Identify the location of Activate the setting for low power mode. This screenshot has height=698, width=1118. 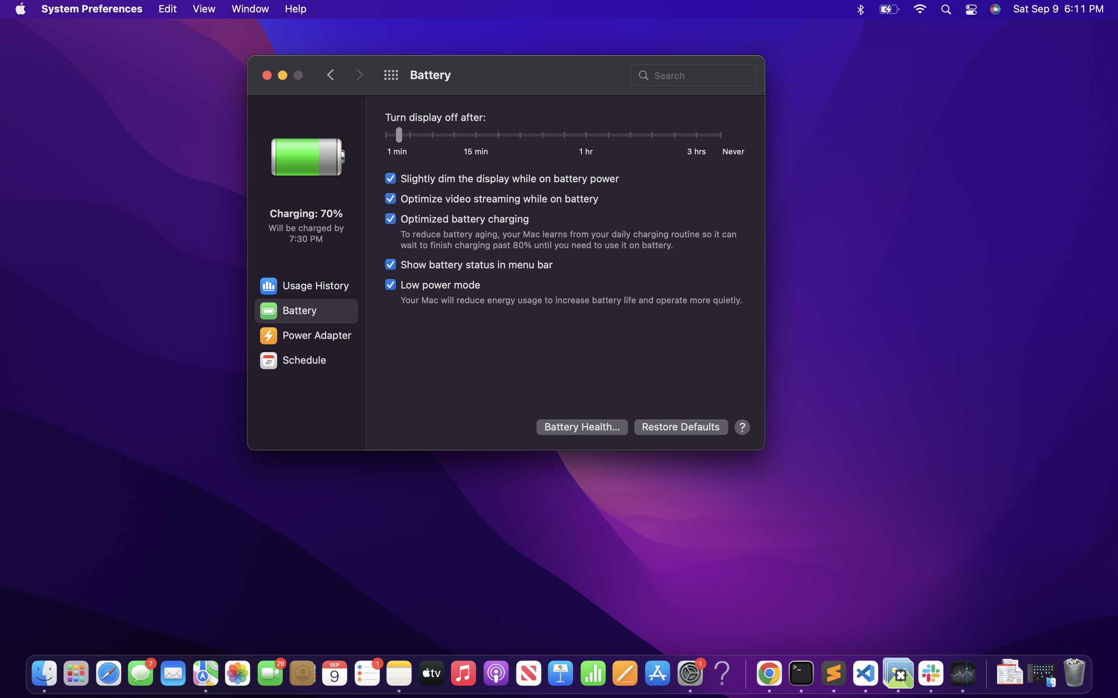
(432, 284).